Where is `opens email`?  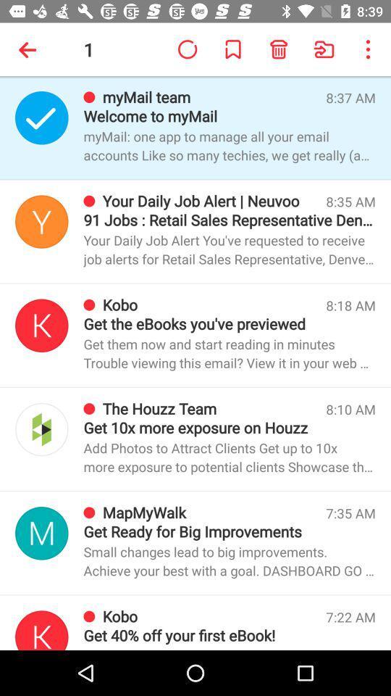 opens email is located at coordinates (41, 532).